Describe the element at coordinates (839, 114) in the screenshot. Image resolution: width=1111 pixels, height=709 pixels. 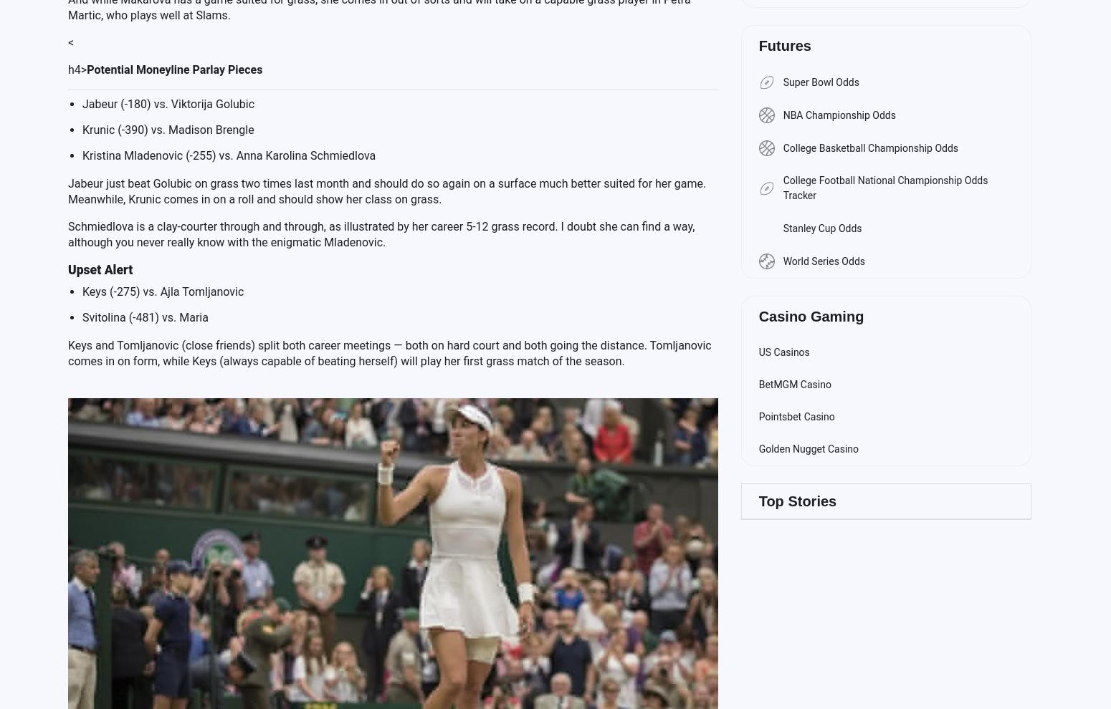
I see `'NBA Championship Odds'` at that location.